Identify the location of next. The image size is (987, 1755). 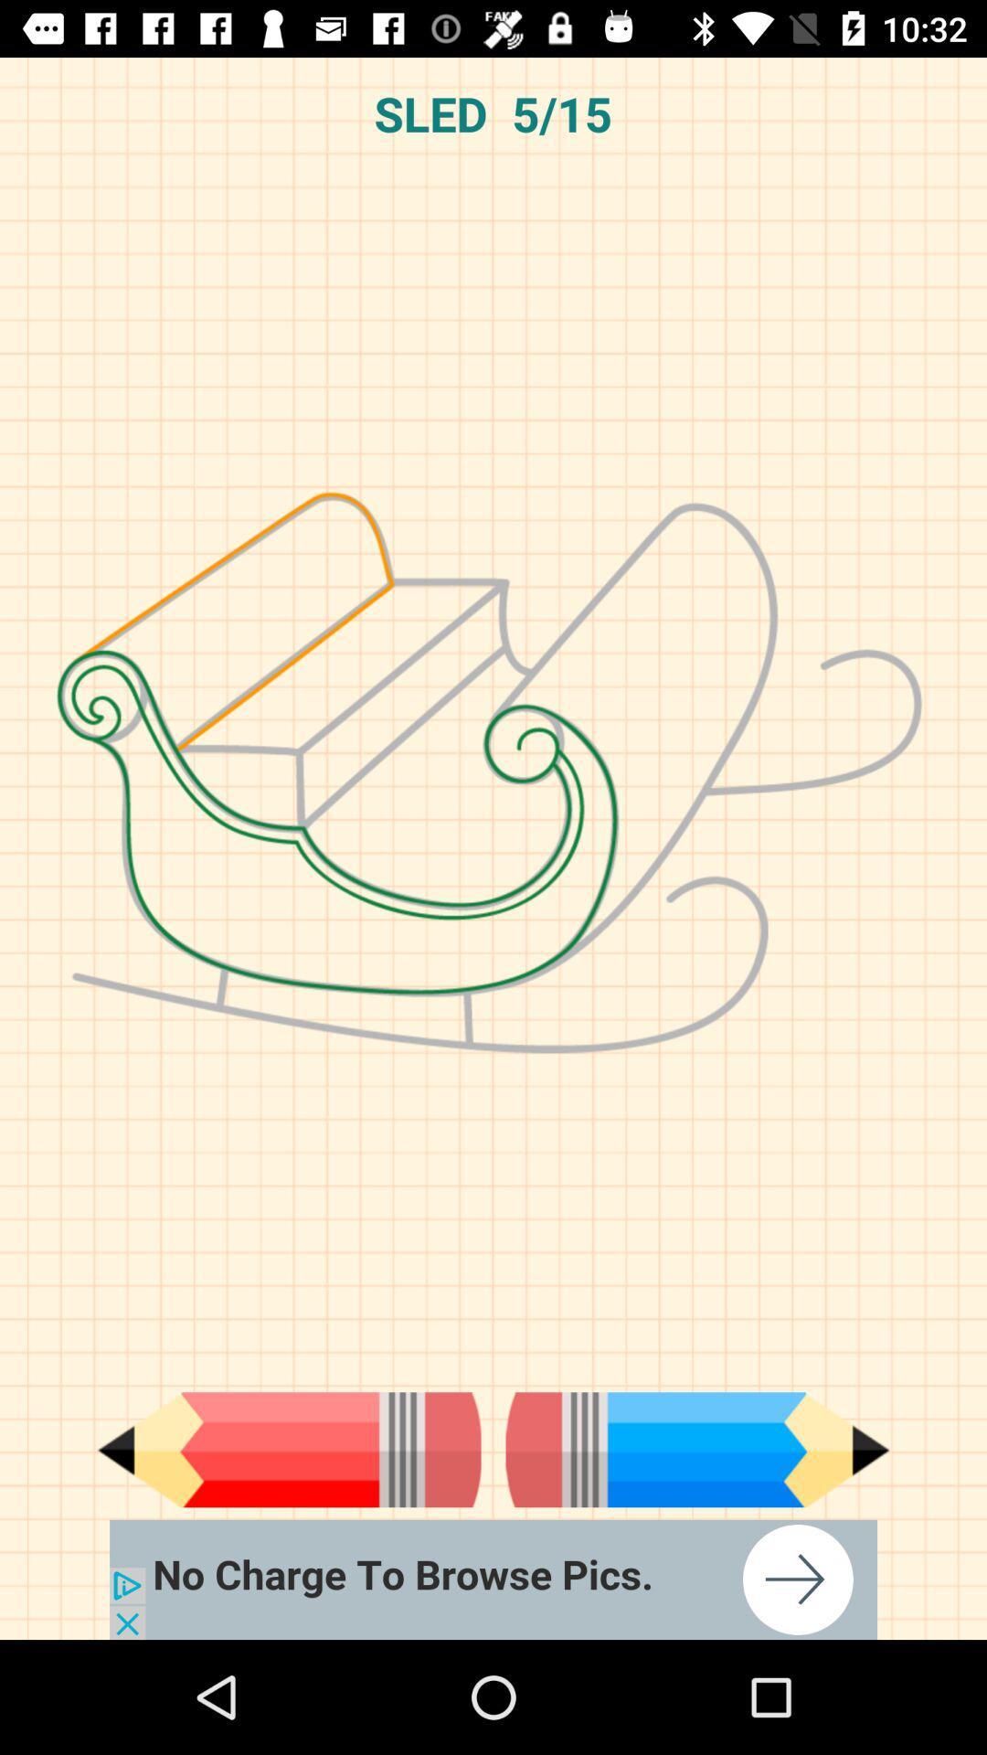
(697, 1449).